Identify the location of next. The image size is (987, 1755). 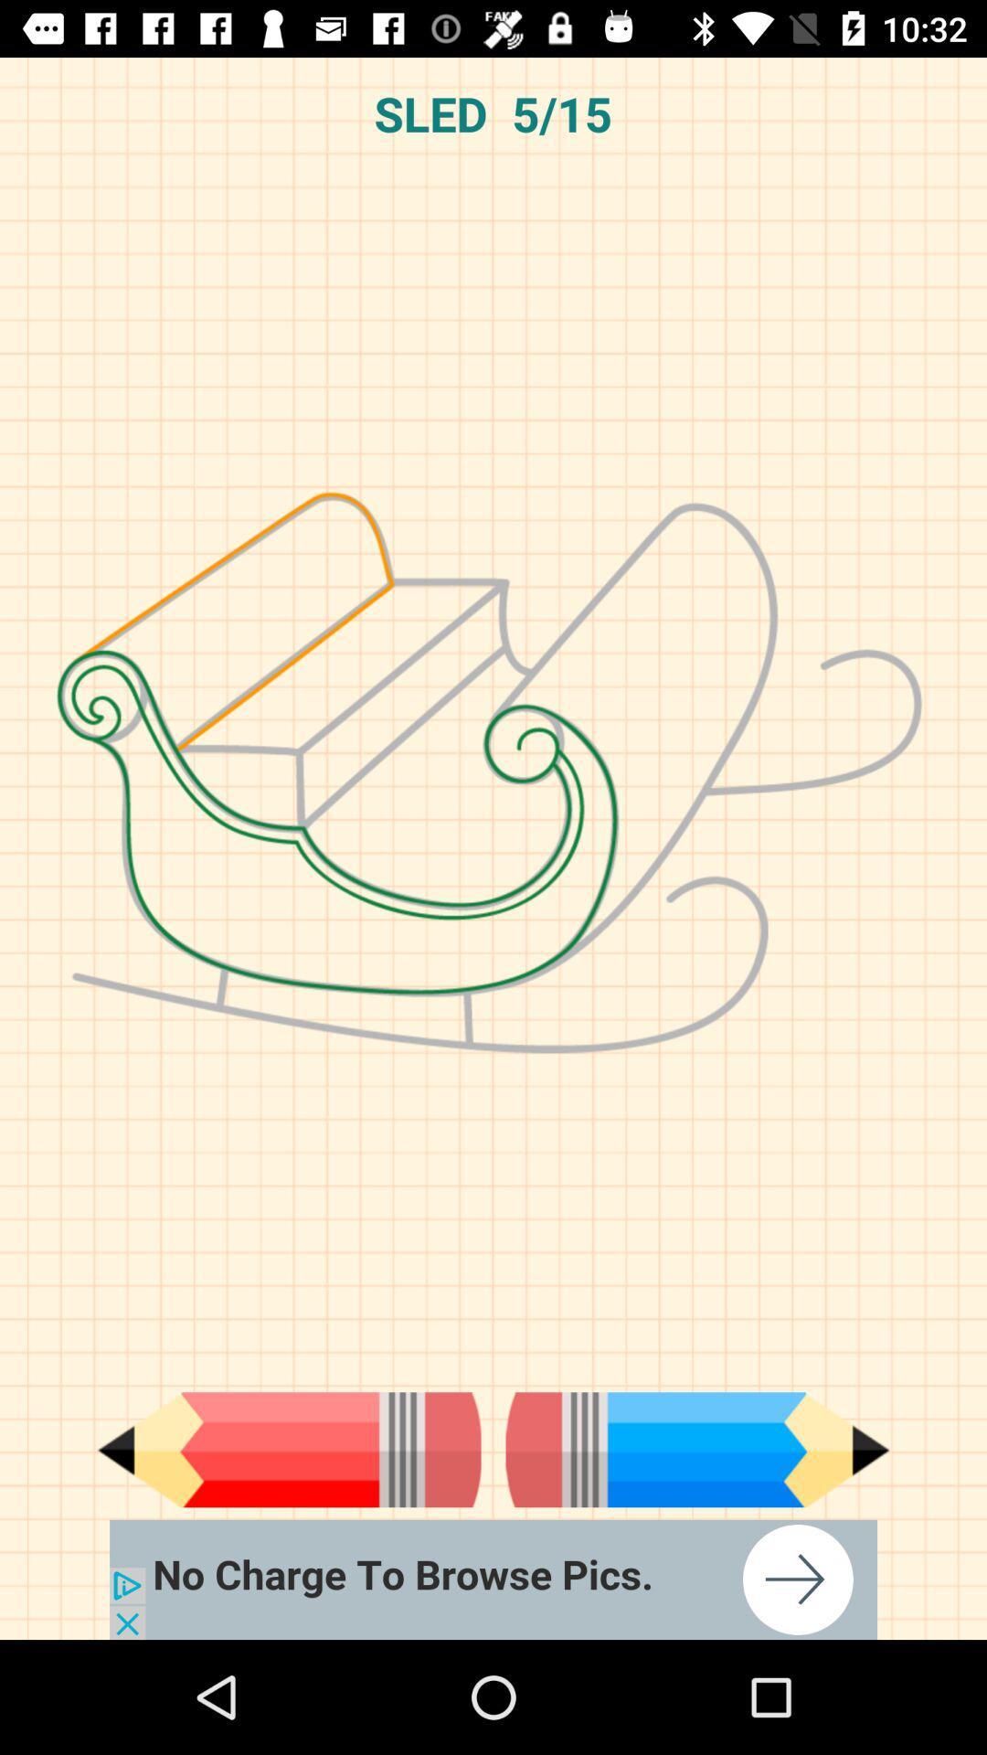
(697, 1449).